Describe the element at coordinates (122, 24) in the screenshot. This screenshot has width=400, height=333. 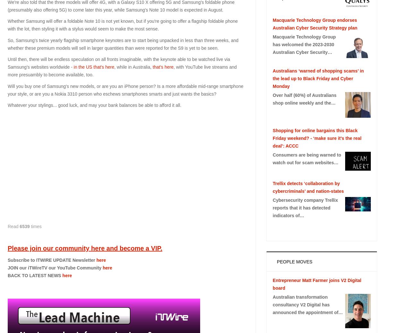
I see `'Whether Samsung will offer a foldable Note 10 is not yet known, but if you're going to offer a flagship foldable phone with the lot, then styling it with a stylus would seem to make the most sense.'` at that location.